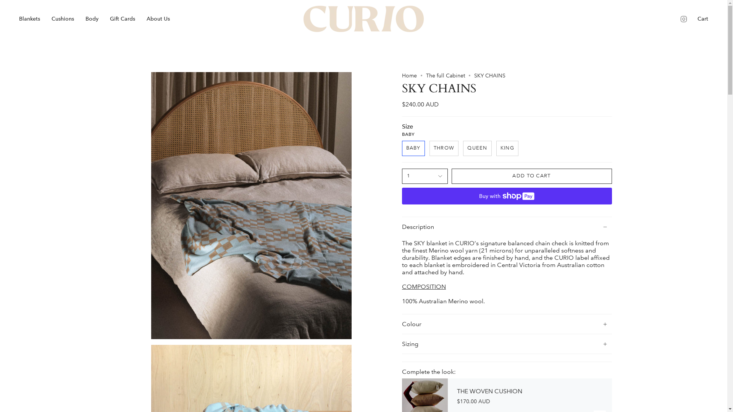 The height and width of the screenshot is (412, 733). I want to click on 'Cart', so click(691, 18).